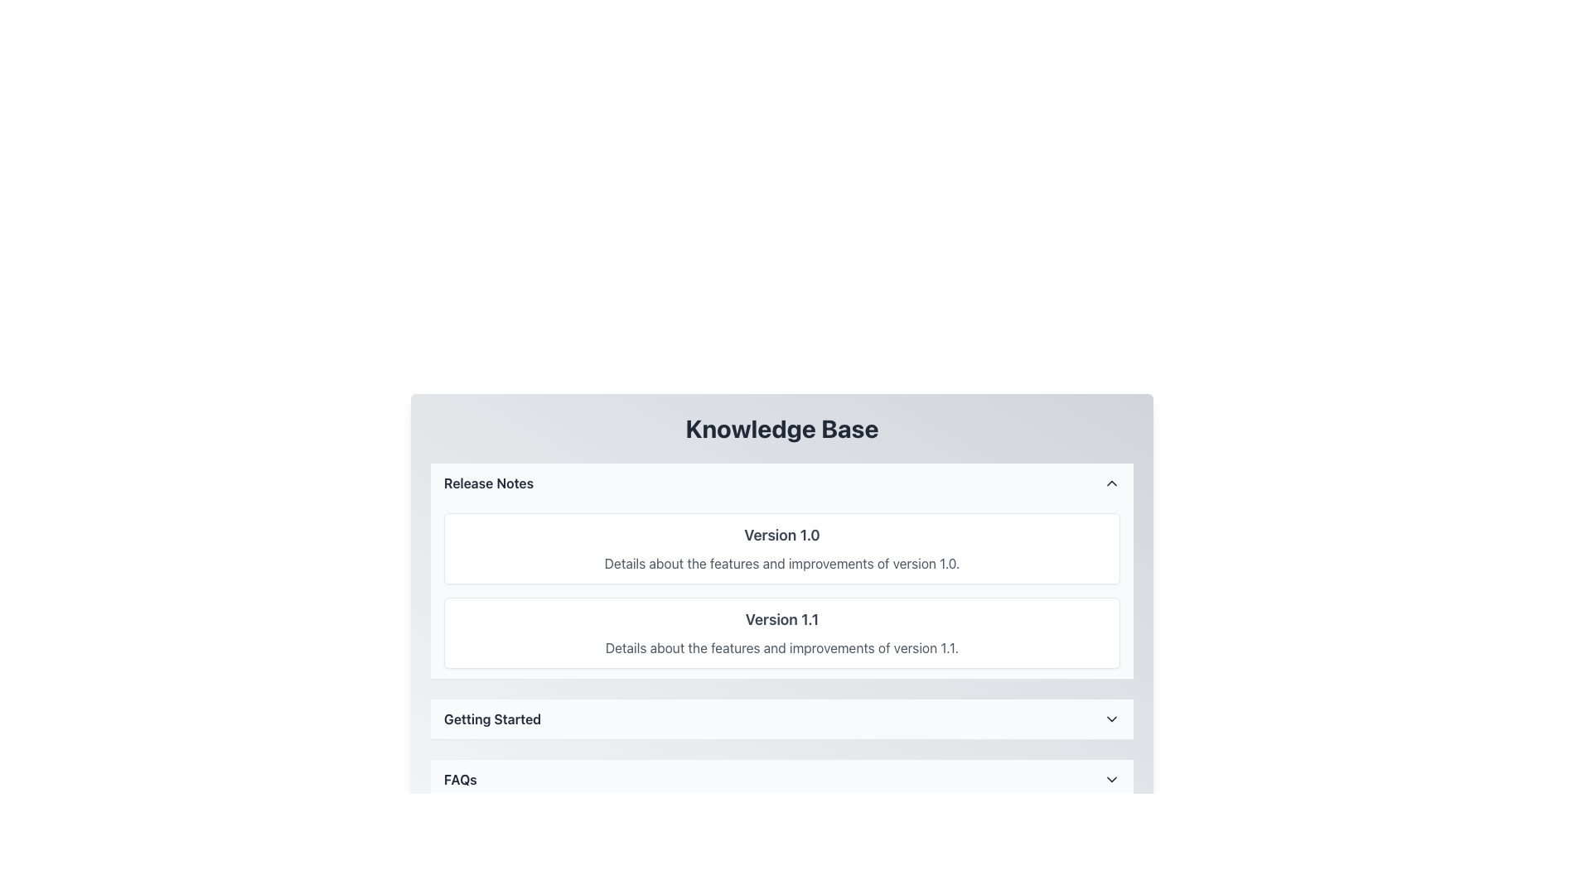  What do you see at coordinates (1112, 483) in the screenshot?
I see `the upward-pointing chevron icon on the right side of the 'Release Notes' interactive bar` at bounding box center [1112, 483].